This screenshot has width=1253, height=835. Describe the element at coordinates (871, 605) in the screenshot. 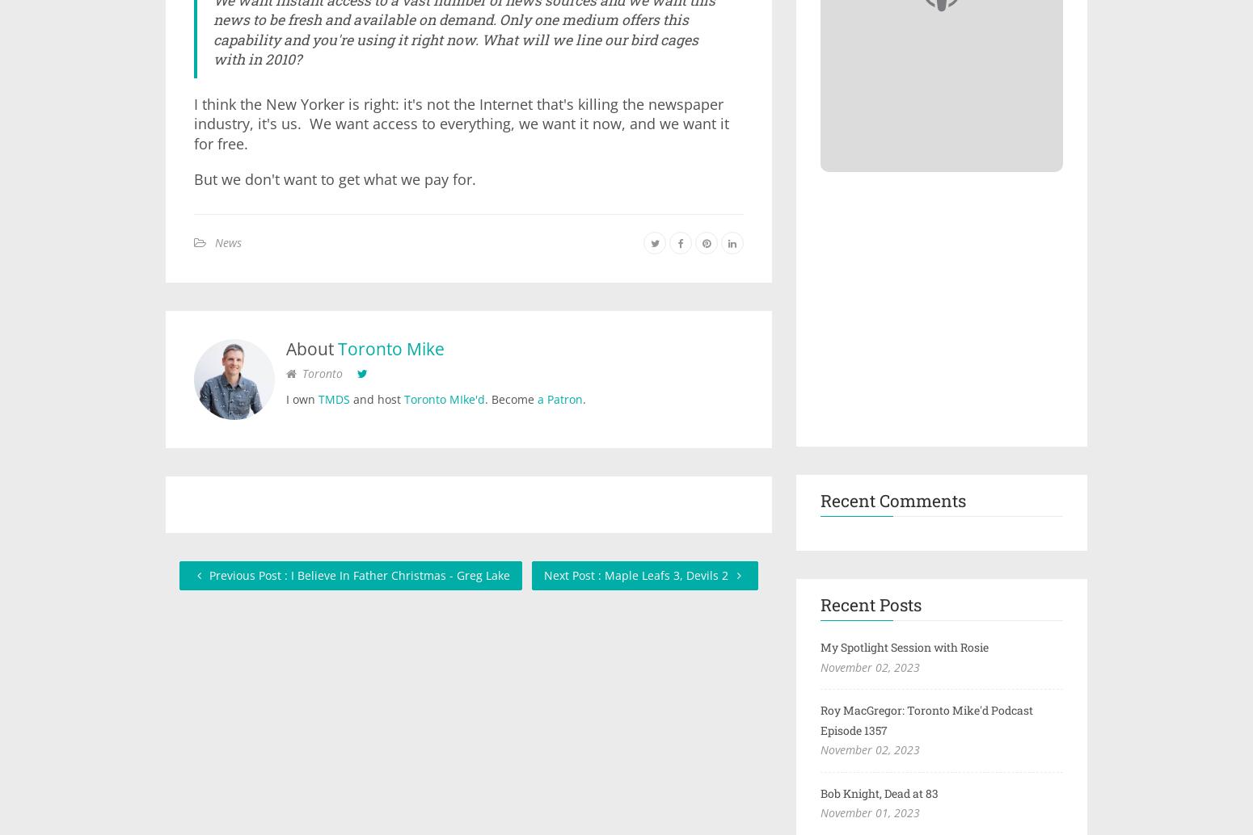

I see `'Recent Posts'` at that location.